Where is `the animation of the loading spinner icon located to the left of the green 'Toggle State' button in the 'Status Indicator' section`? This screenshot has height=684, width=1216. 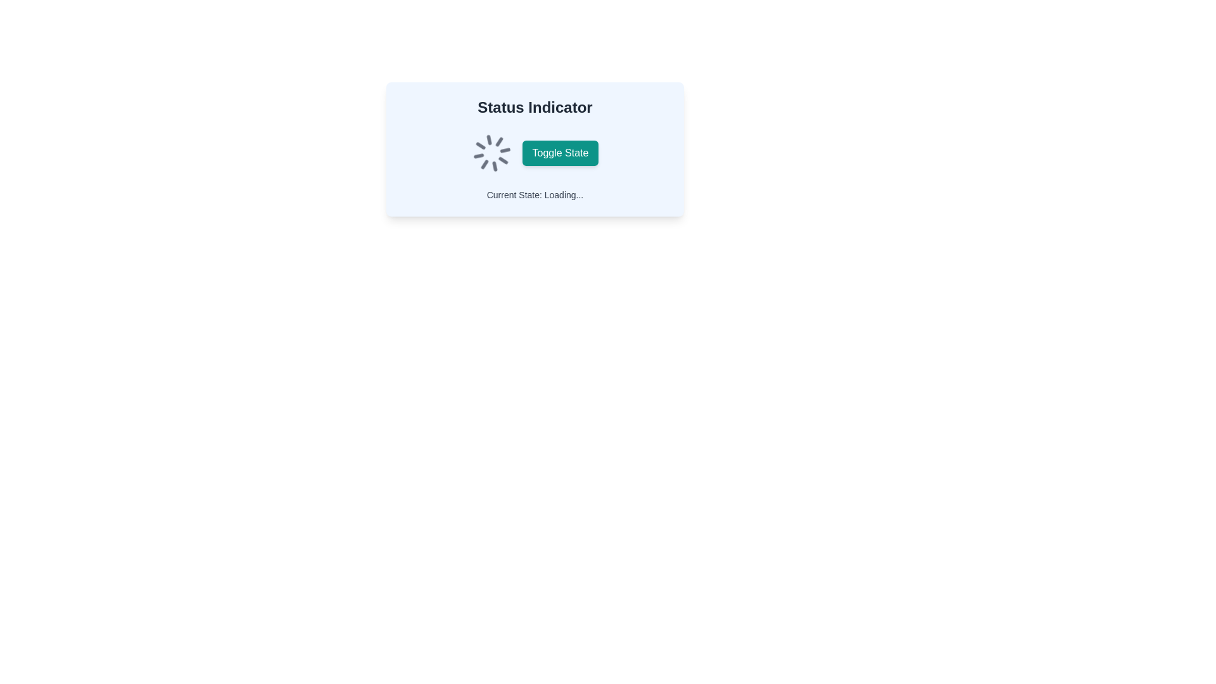
the animation of the loading spinner icon located to the left of the green 'Toggle State' button in the 'Status Indicator' section is located at coordinates (491, 153).